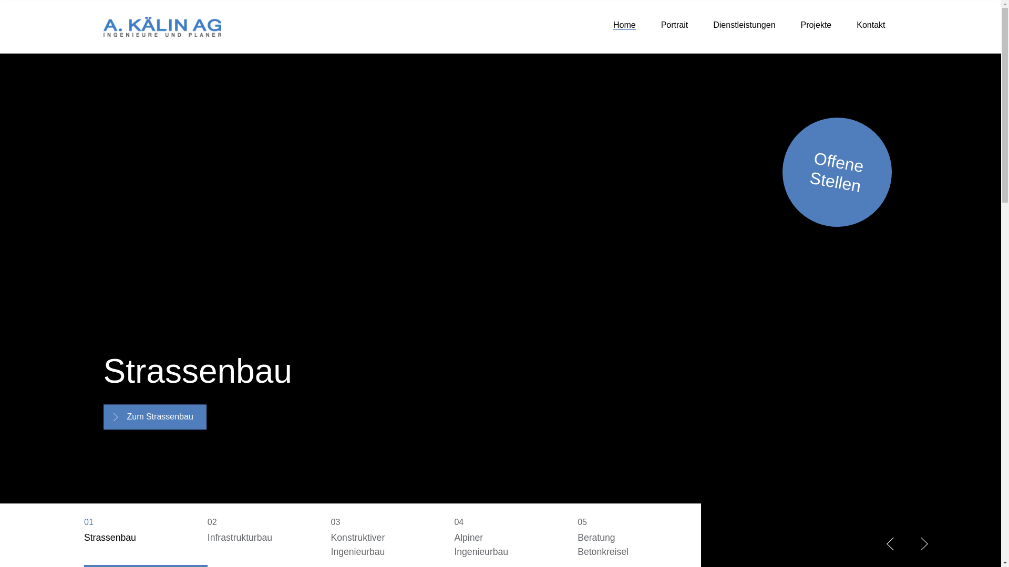 The image size is (1009, 567). Describe the element at coordinates (800, 24) in the screenshot. I see `'Projekte'` at that location.